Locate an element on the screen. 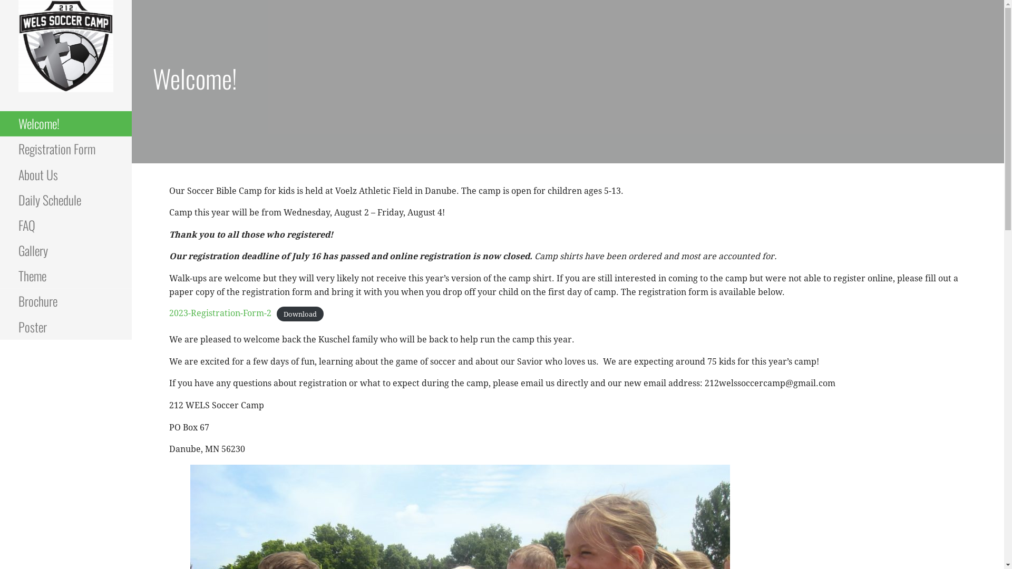  'Registration Form' is located at coordinates (65, 149).